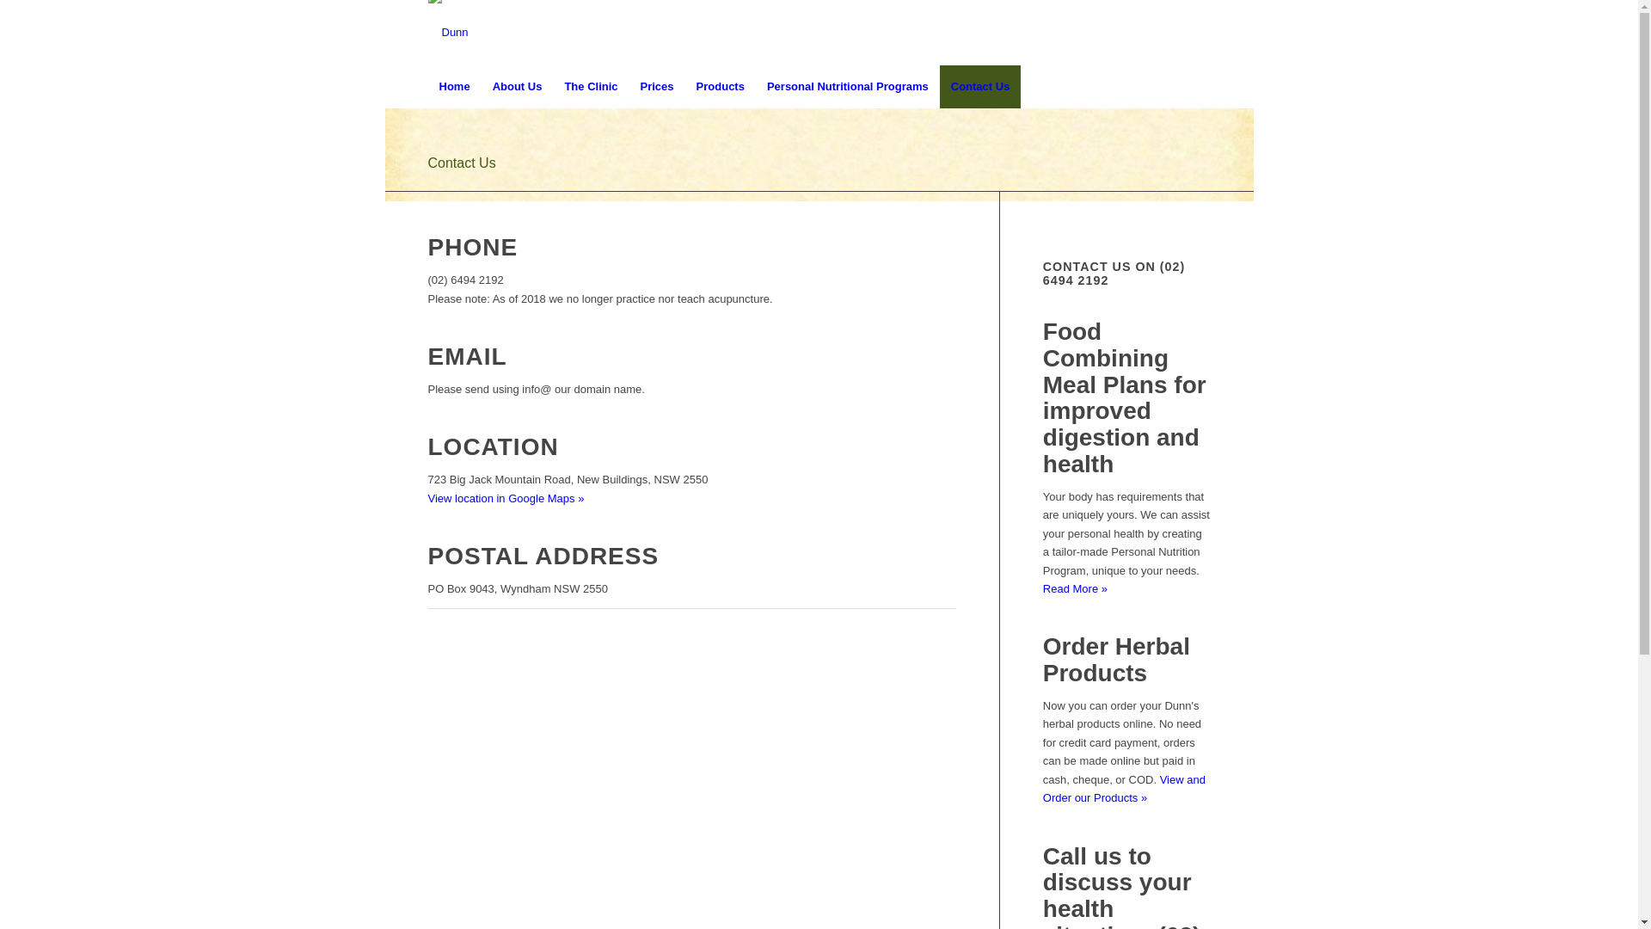 The height and width of the screenshot is (929, 1651). Describe the element at coordinates (516, 86) in the screenshot. I see `'About Us'` at that location.